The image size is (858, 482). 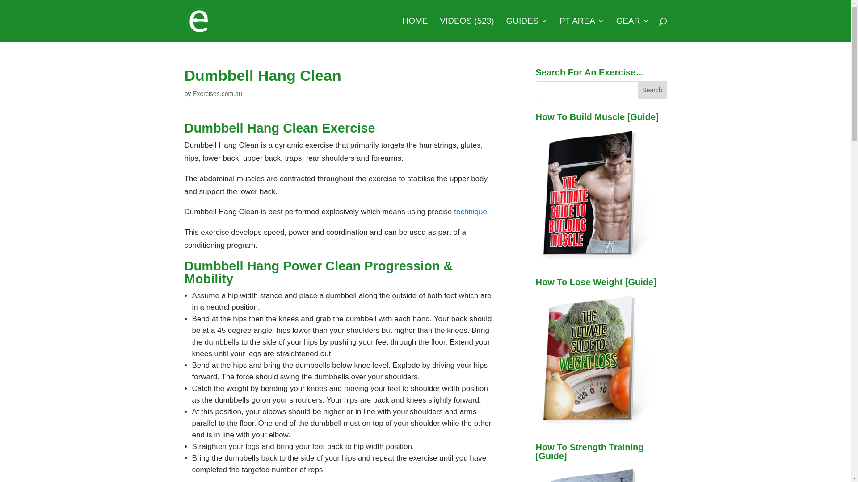 What do you see at coordinates (414, 29) in the screenshot?
I see `'HOME'` at bounding box center [414, 29].